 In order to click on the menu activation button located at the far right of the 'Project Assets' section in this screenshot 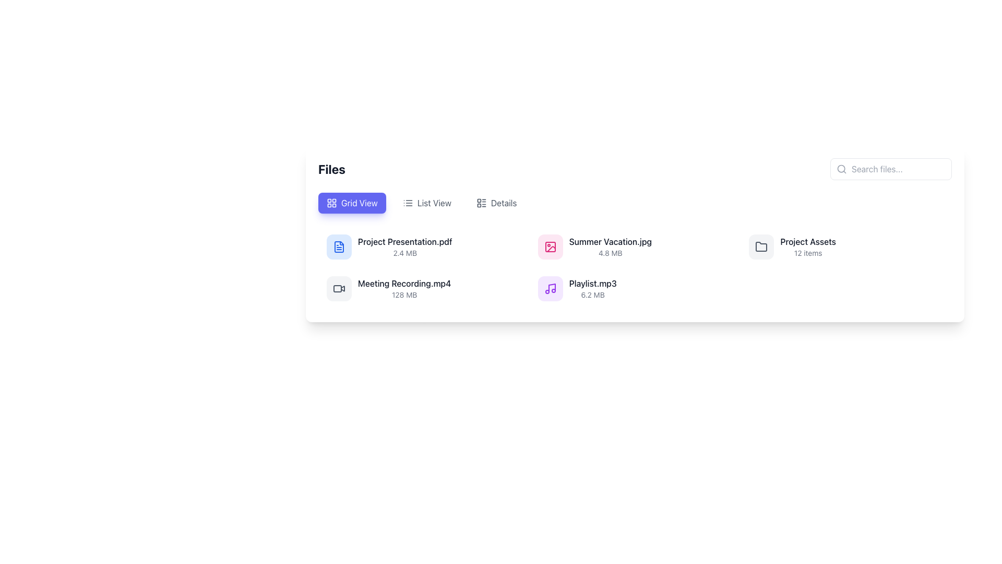, I will do `click(937, 241)`.